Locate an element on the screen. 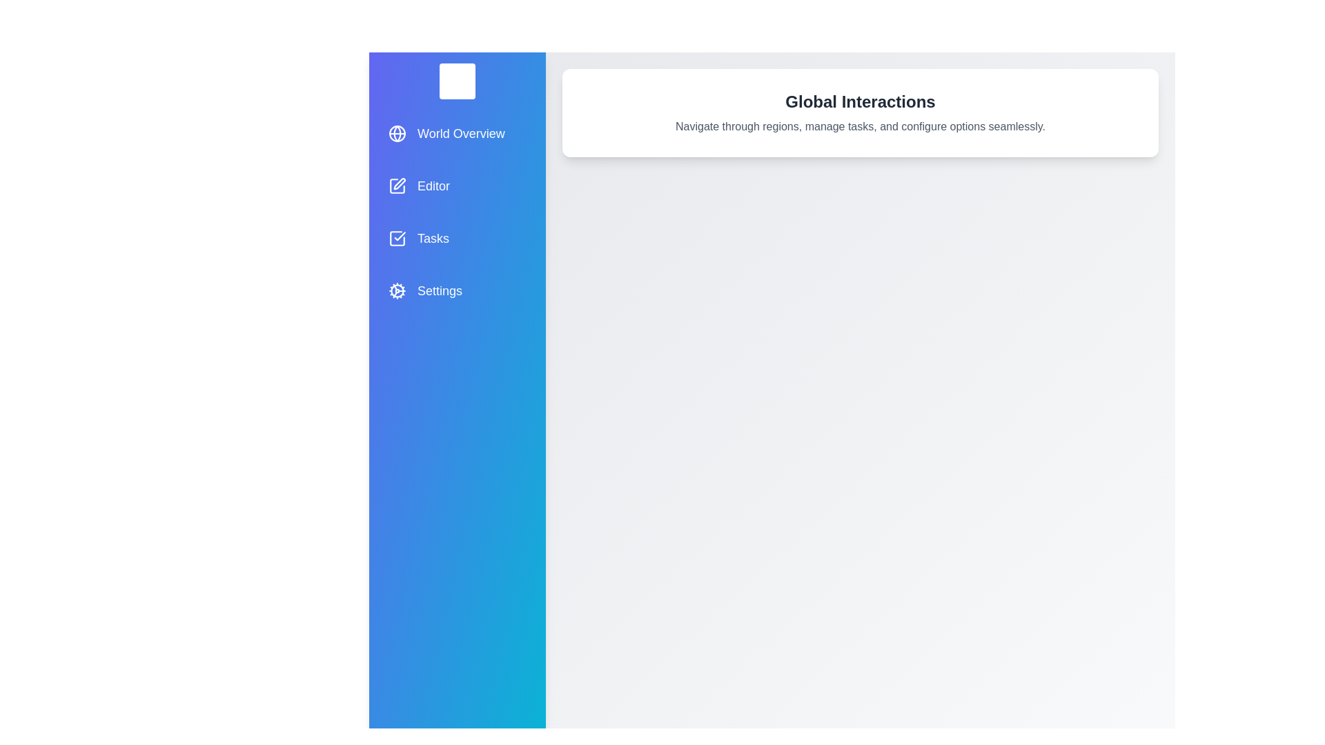 Image resolution: width=1325 pixels, height=745 pixels. the 'Editor' menu item is located at coordinates (457, 186).